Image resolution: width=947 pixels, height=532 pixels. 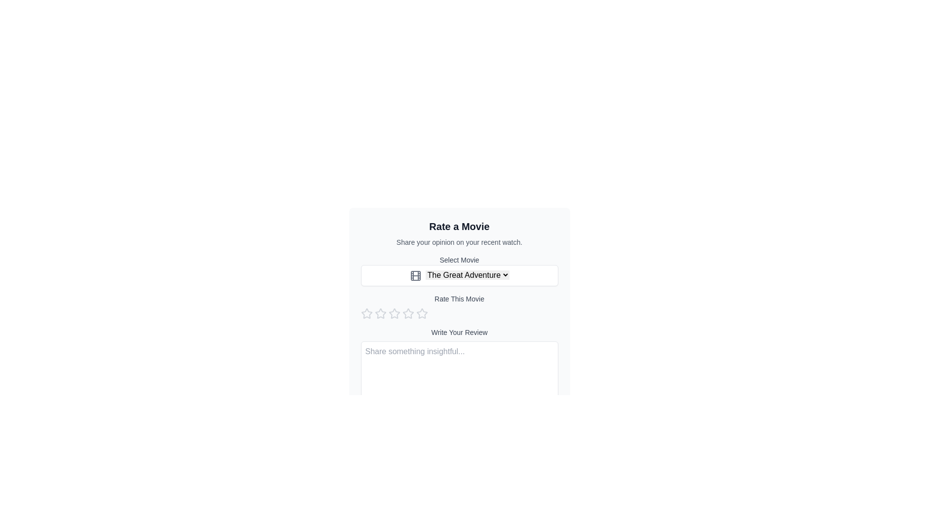 What do you see at coordinates (459, 242) in the screenshot?
I see `the instructional text label that prompts users to share their thoughts or opinions regarding their last viewed movie, located below the 'Rate a Movie' title header and above the 'Select Movie' dropdown` at bounding box center [459, 242].